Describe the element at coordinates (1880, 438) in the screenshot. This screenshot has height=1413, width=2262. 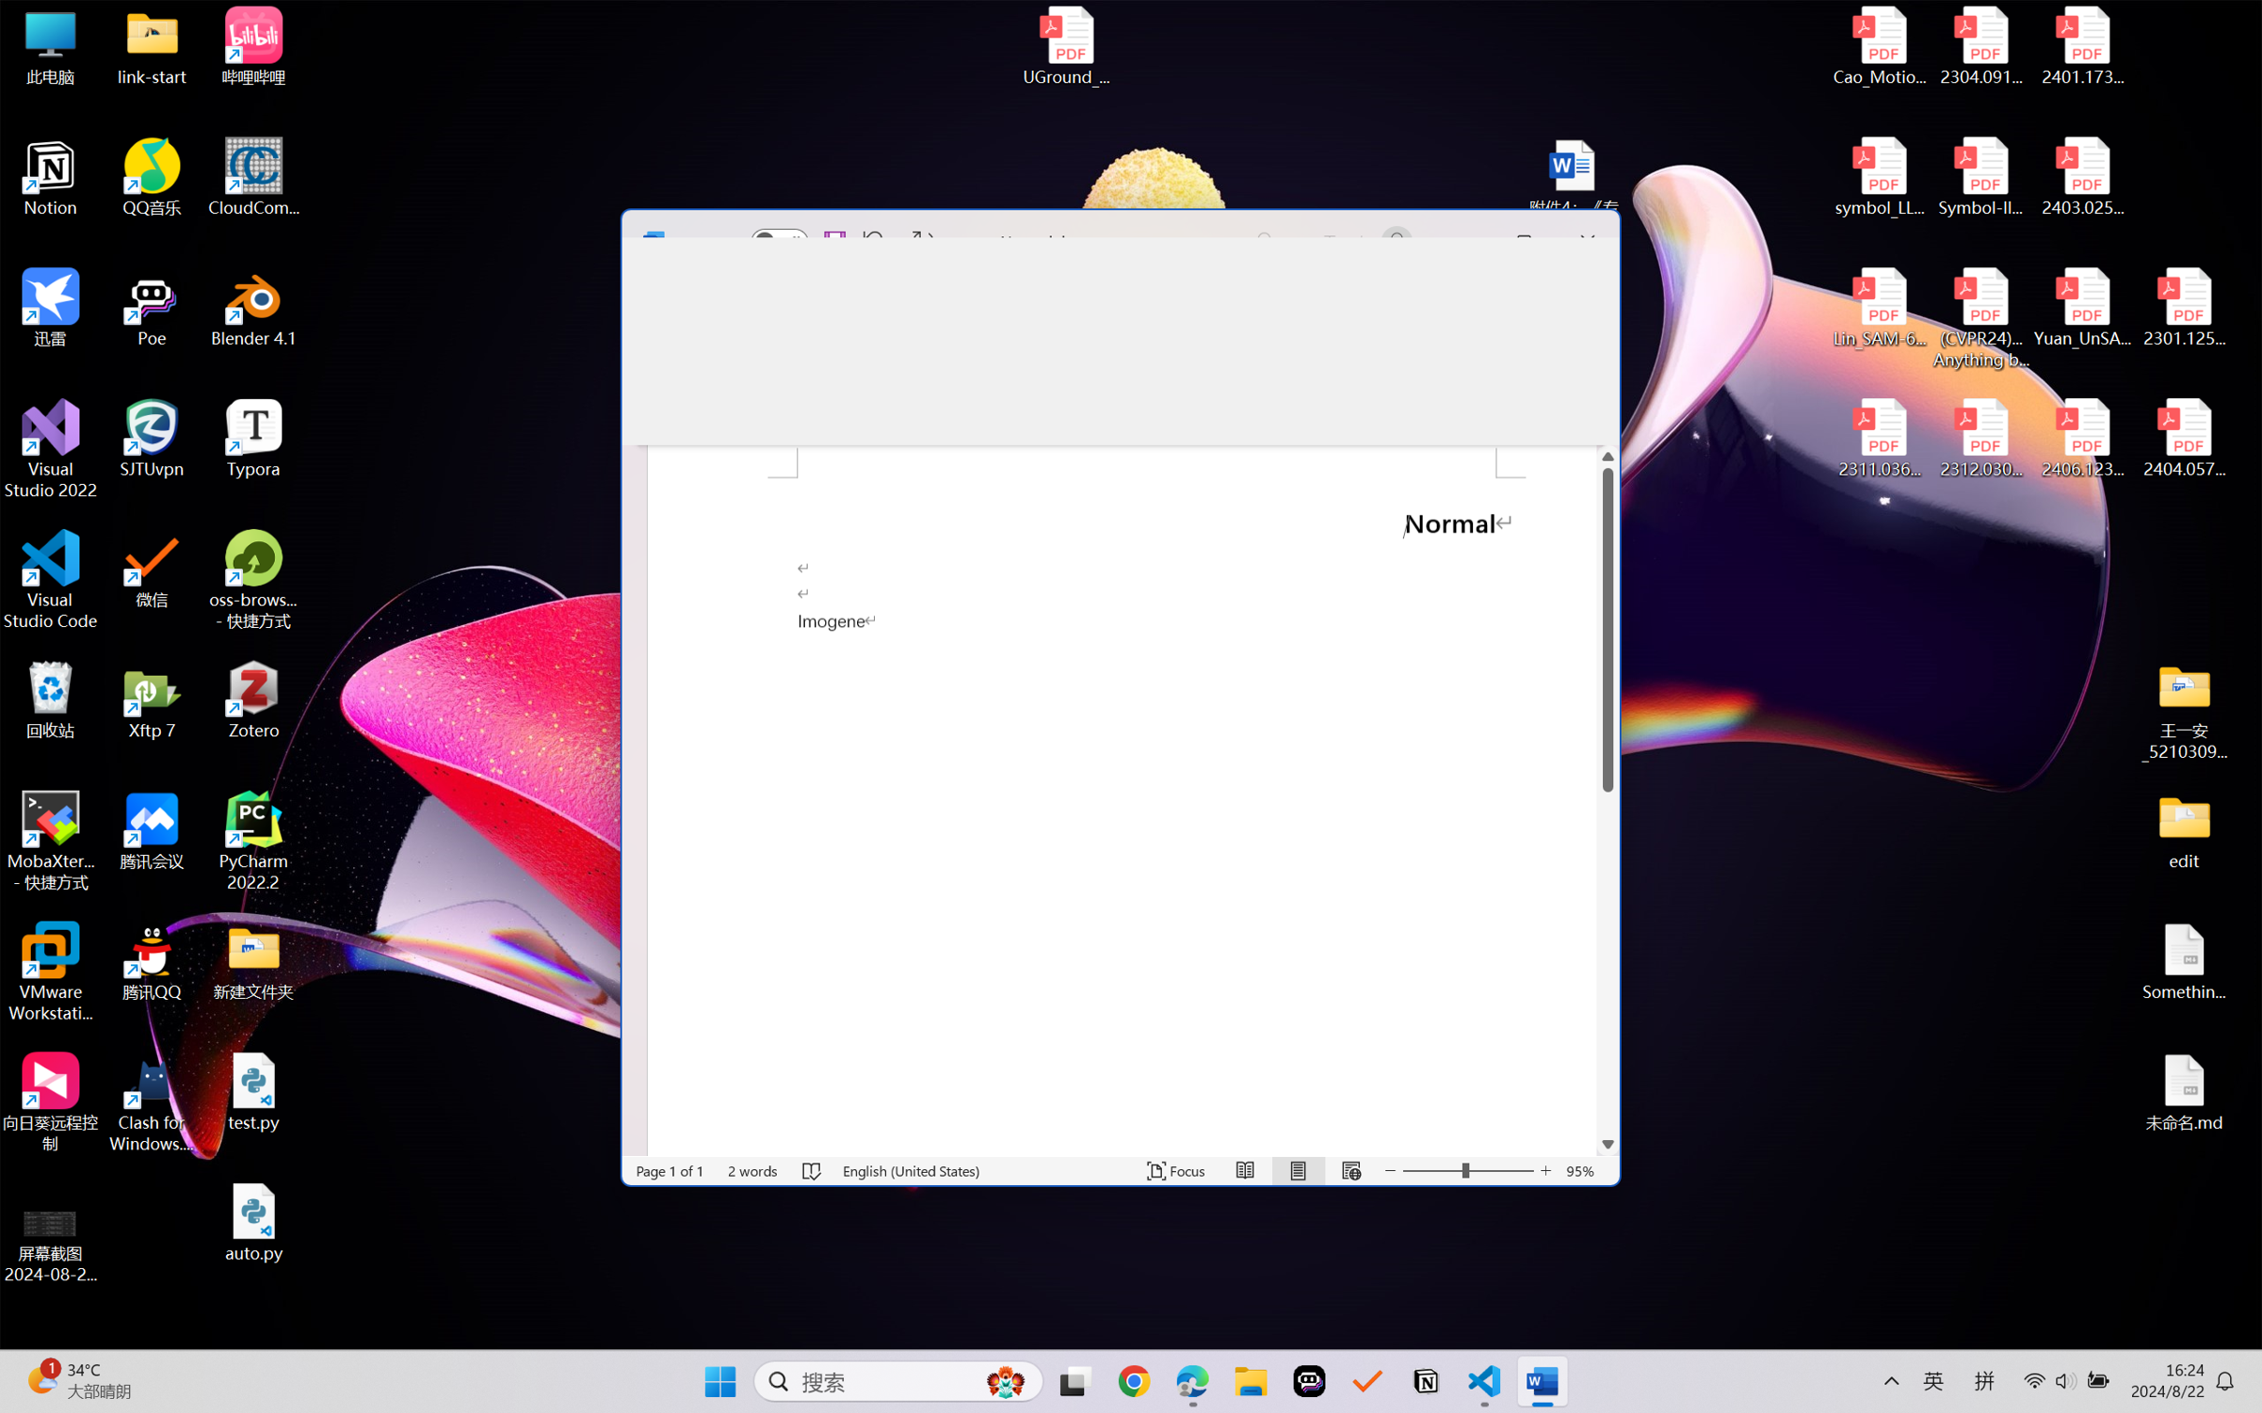
I see `'2311.03658v2.pdf'` at that location.